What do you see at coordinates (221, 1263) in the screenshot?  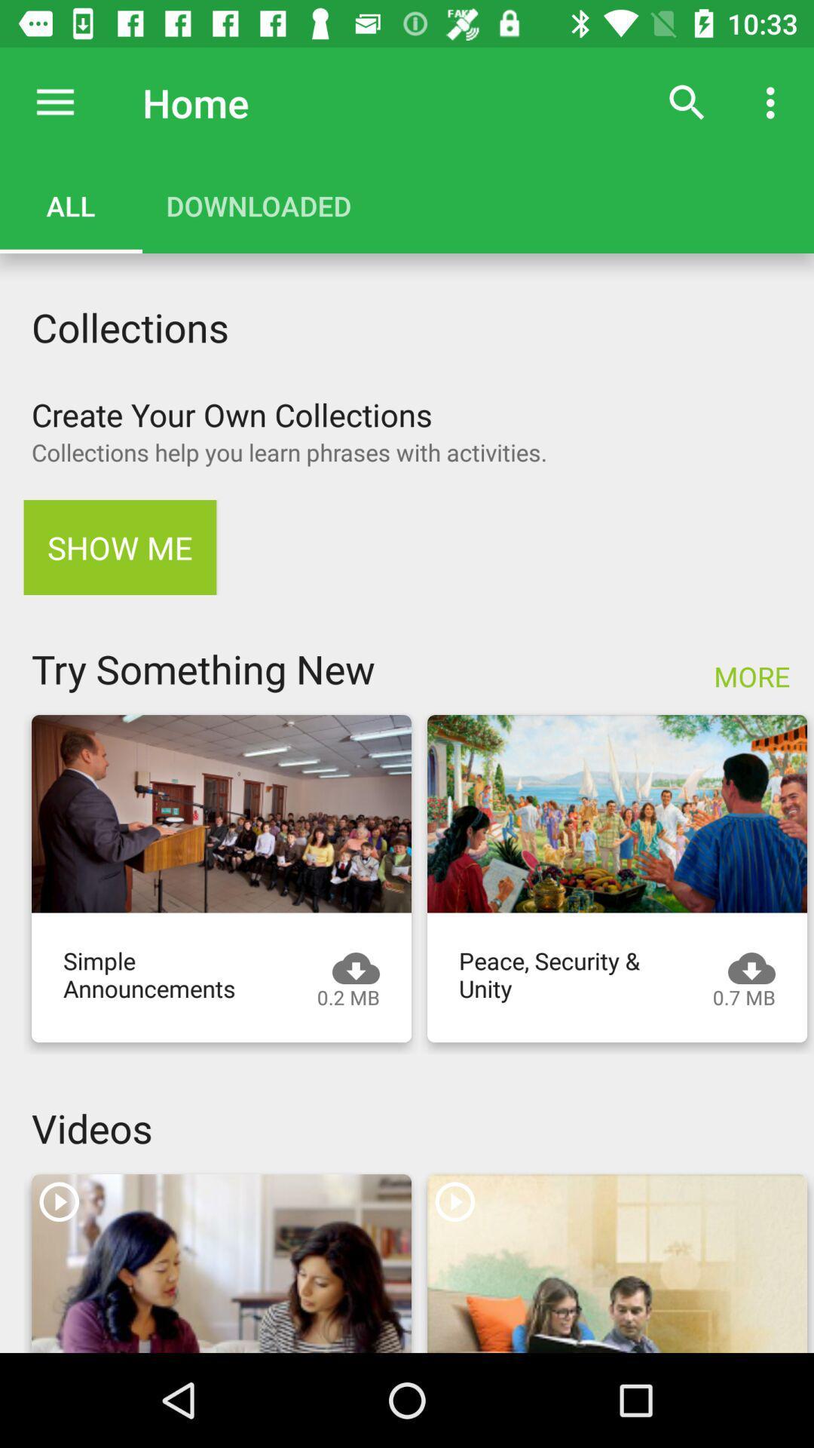 I see `video` at bounding box center [221, 1263].